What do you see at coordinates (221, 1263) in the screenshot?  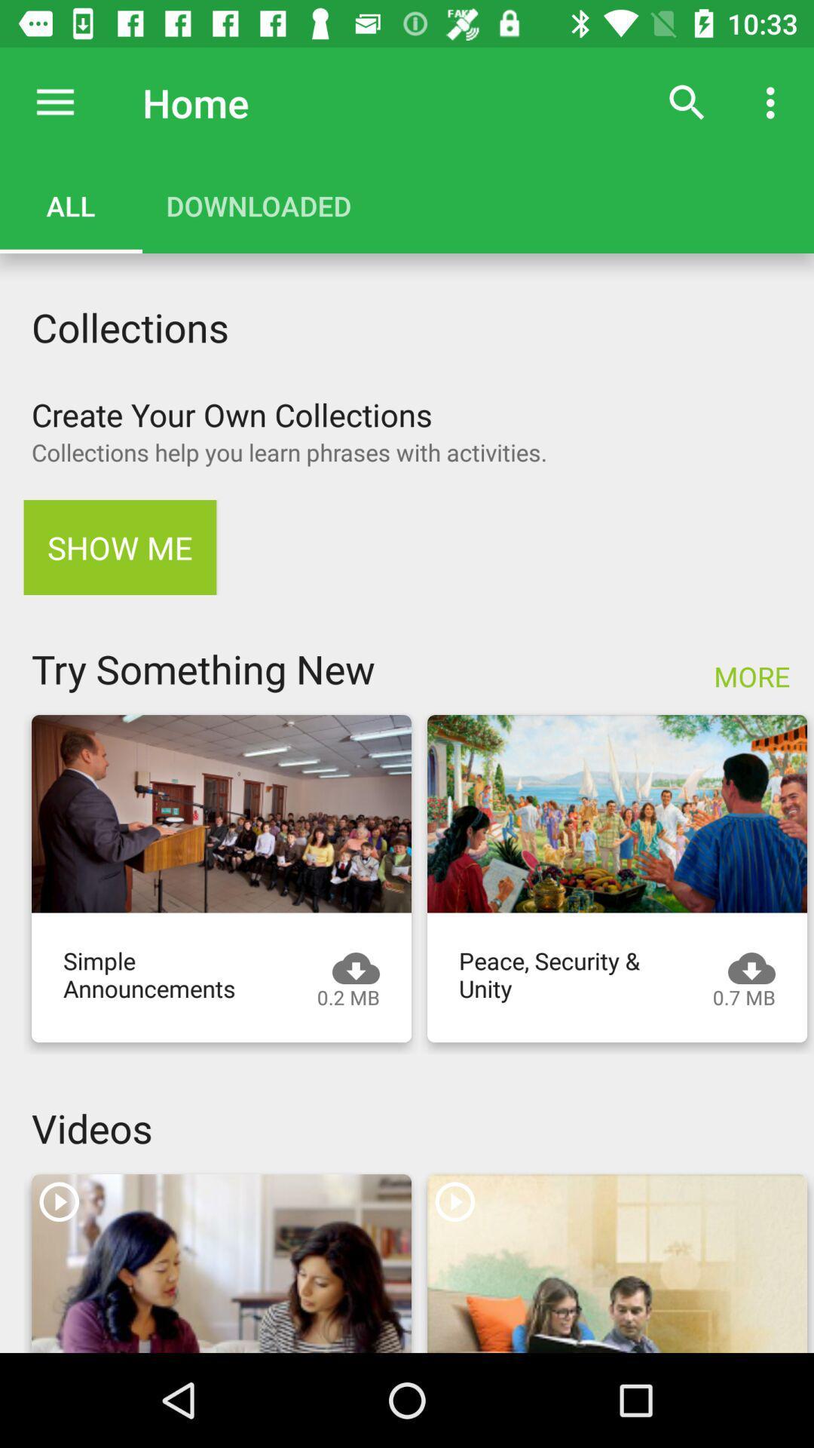 I see `video` at bounding box center [221, 1263].